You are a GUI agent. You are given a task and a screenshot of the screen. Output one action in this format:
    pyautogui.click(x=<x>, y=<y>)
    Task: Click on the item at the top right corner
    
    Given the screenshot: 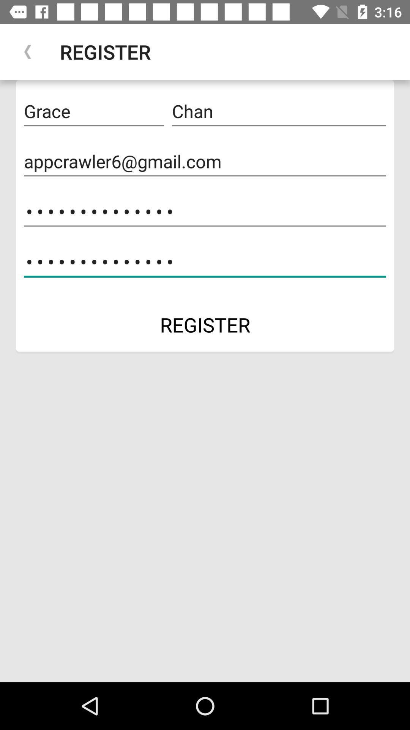 What is the action you would take?
    pyautogui.click(x=279, y=111)
    